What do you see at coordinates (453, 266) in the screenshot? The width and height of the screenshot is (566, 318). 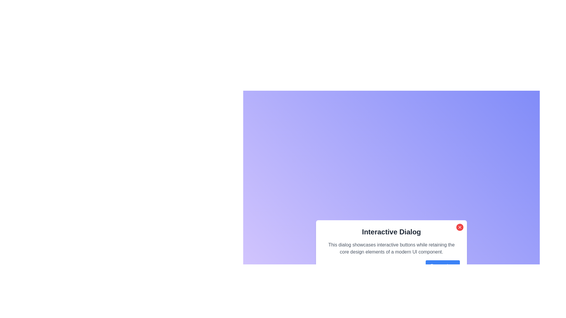 I see `the rightward-pointing arrow icon located at the right end of the 'Proceed' button within the interactive dialog box` at bounding box center [453, 266].